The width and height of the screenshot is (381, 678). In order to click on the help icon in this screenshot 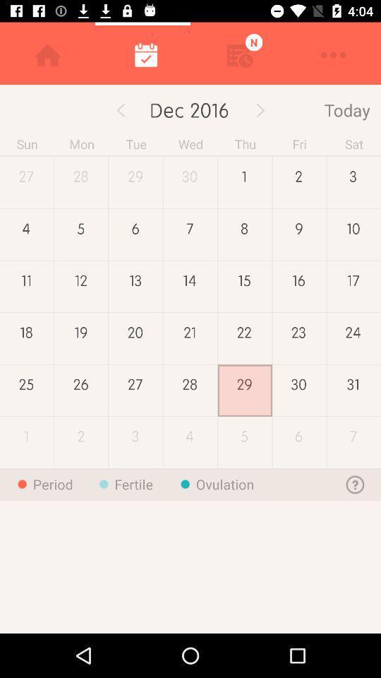, I will do `click(355, 484)`.